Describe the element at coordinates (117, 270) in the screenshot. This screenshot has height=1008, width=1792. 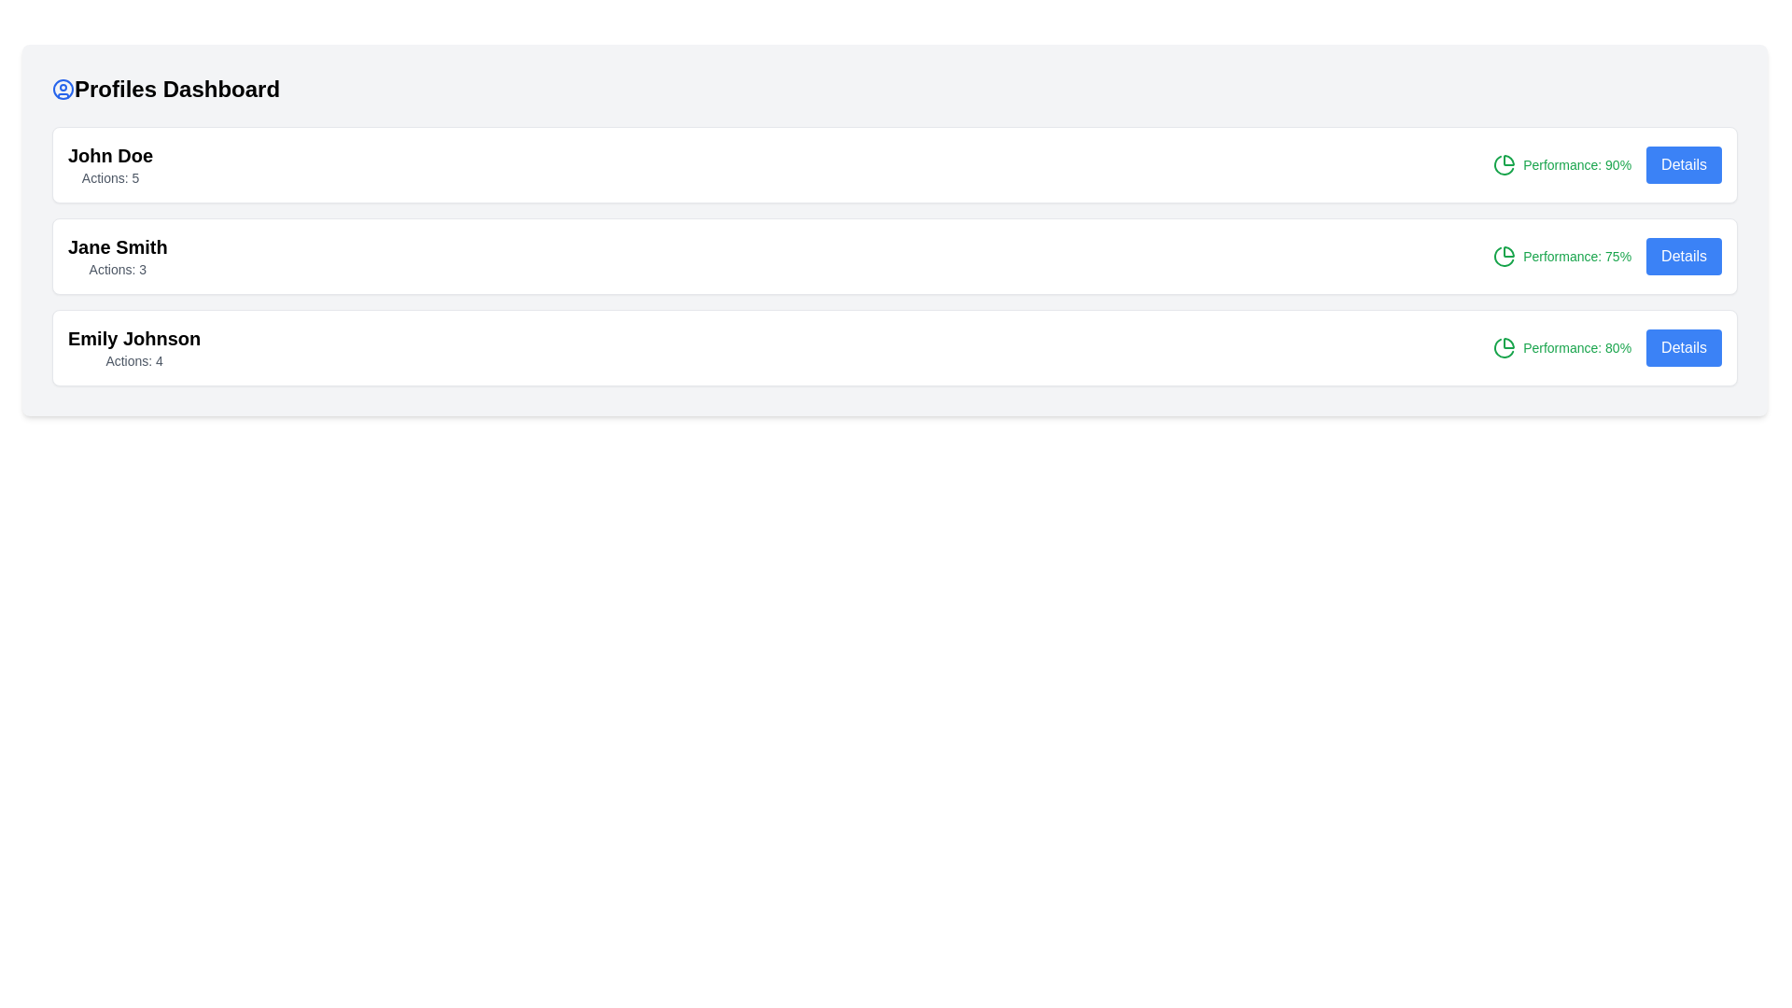
I see `the informational text label indicating the number of actions associated with 'Jane Smith', located directly below the 'Jane Smith' label` at that location.